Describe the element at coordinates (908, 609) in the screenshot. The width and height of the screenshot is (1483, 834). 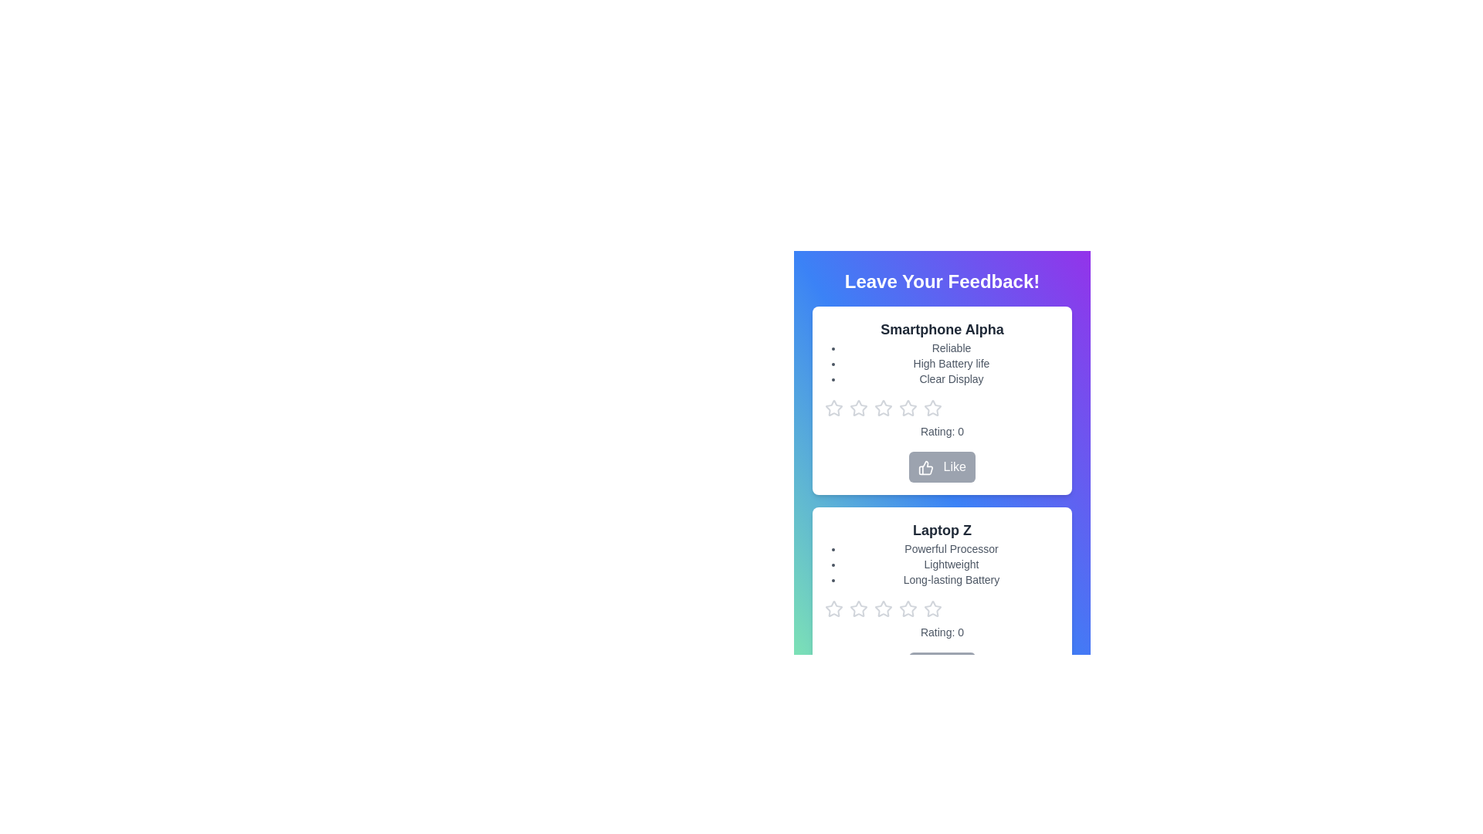
I see `the fifth star icon in the rating group for 'Laptop Z'` at that location.